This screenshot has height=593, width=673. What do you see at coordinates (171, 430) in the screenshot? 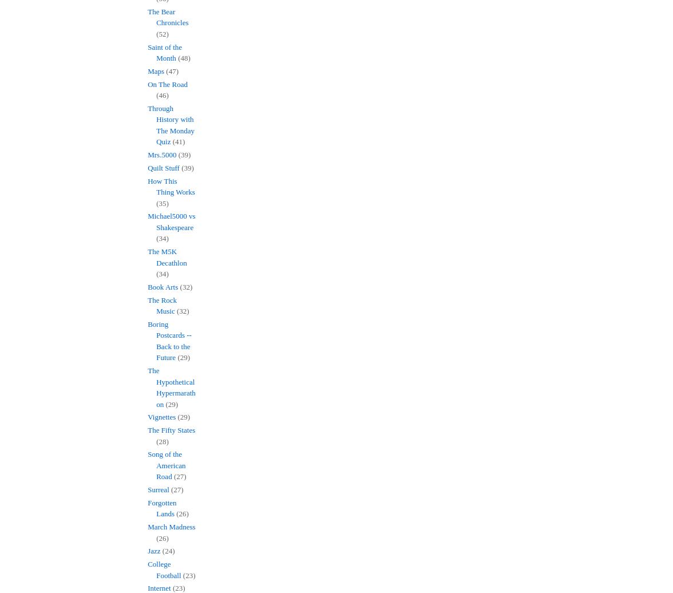
I see `'The Fifty States'` at bounding box center [171, 430].